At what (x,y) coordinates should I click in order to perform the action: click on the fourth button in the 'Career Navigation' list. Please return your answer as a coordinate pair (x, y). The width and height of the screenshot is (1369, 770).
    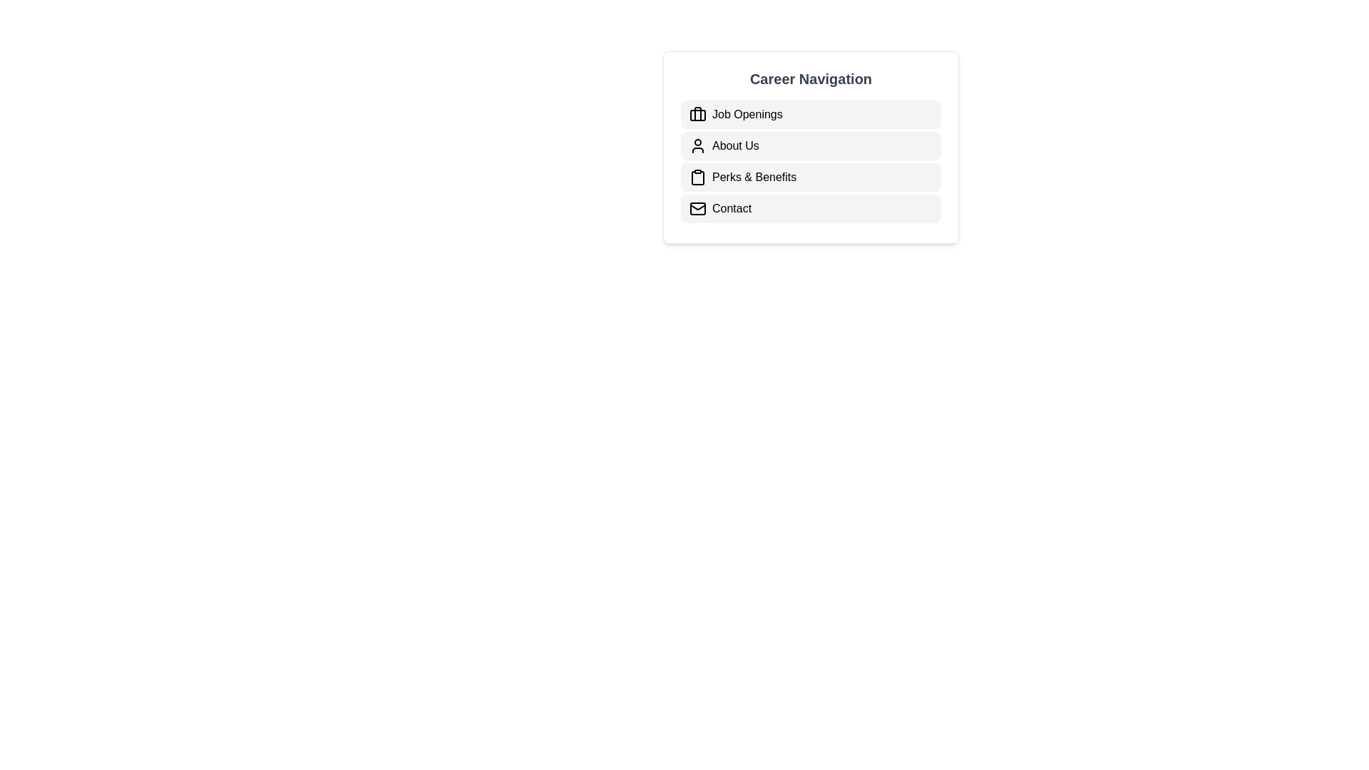
    Looking at the image, I should click on (811, 209).